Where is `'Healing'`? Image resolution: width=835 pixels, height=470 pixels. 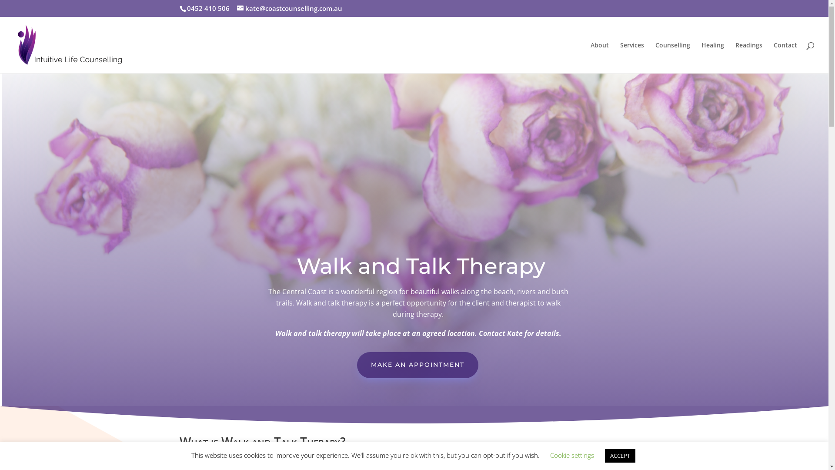
'Healing' is located at coordinates (712, 57).